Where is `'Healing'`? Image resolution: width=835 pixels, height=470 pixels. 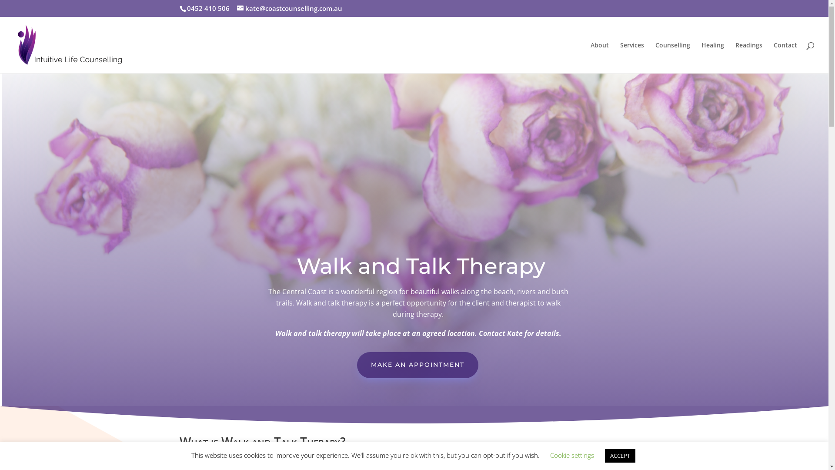
'Healing' is located at coordinates (712, 57).